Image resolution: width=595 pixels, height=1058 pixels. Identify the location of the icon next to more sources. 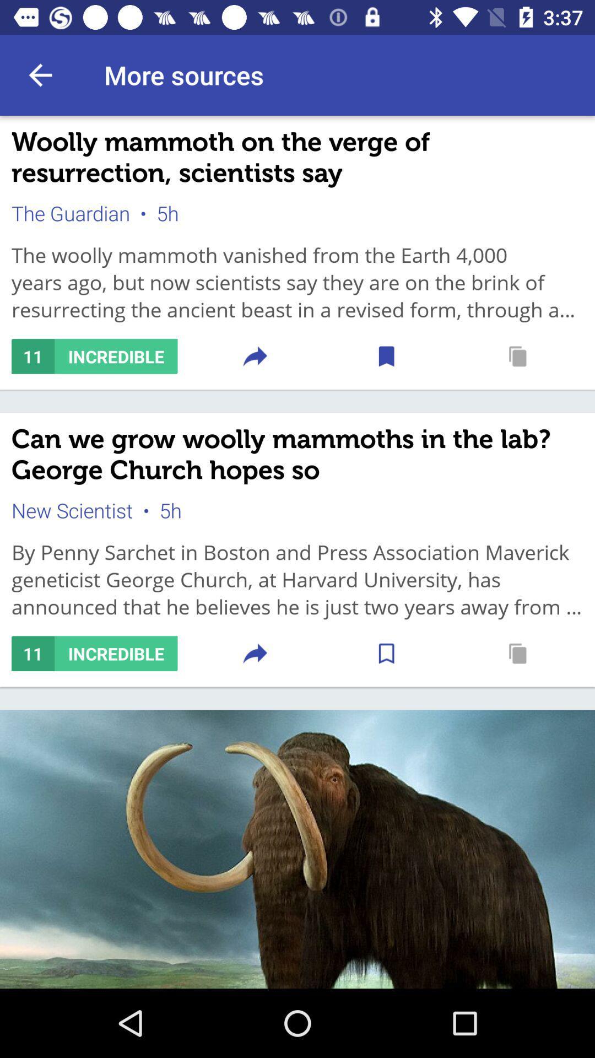
(40, 74).